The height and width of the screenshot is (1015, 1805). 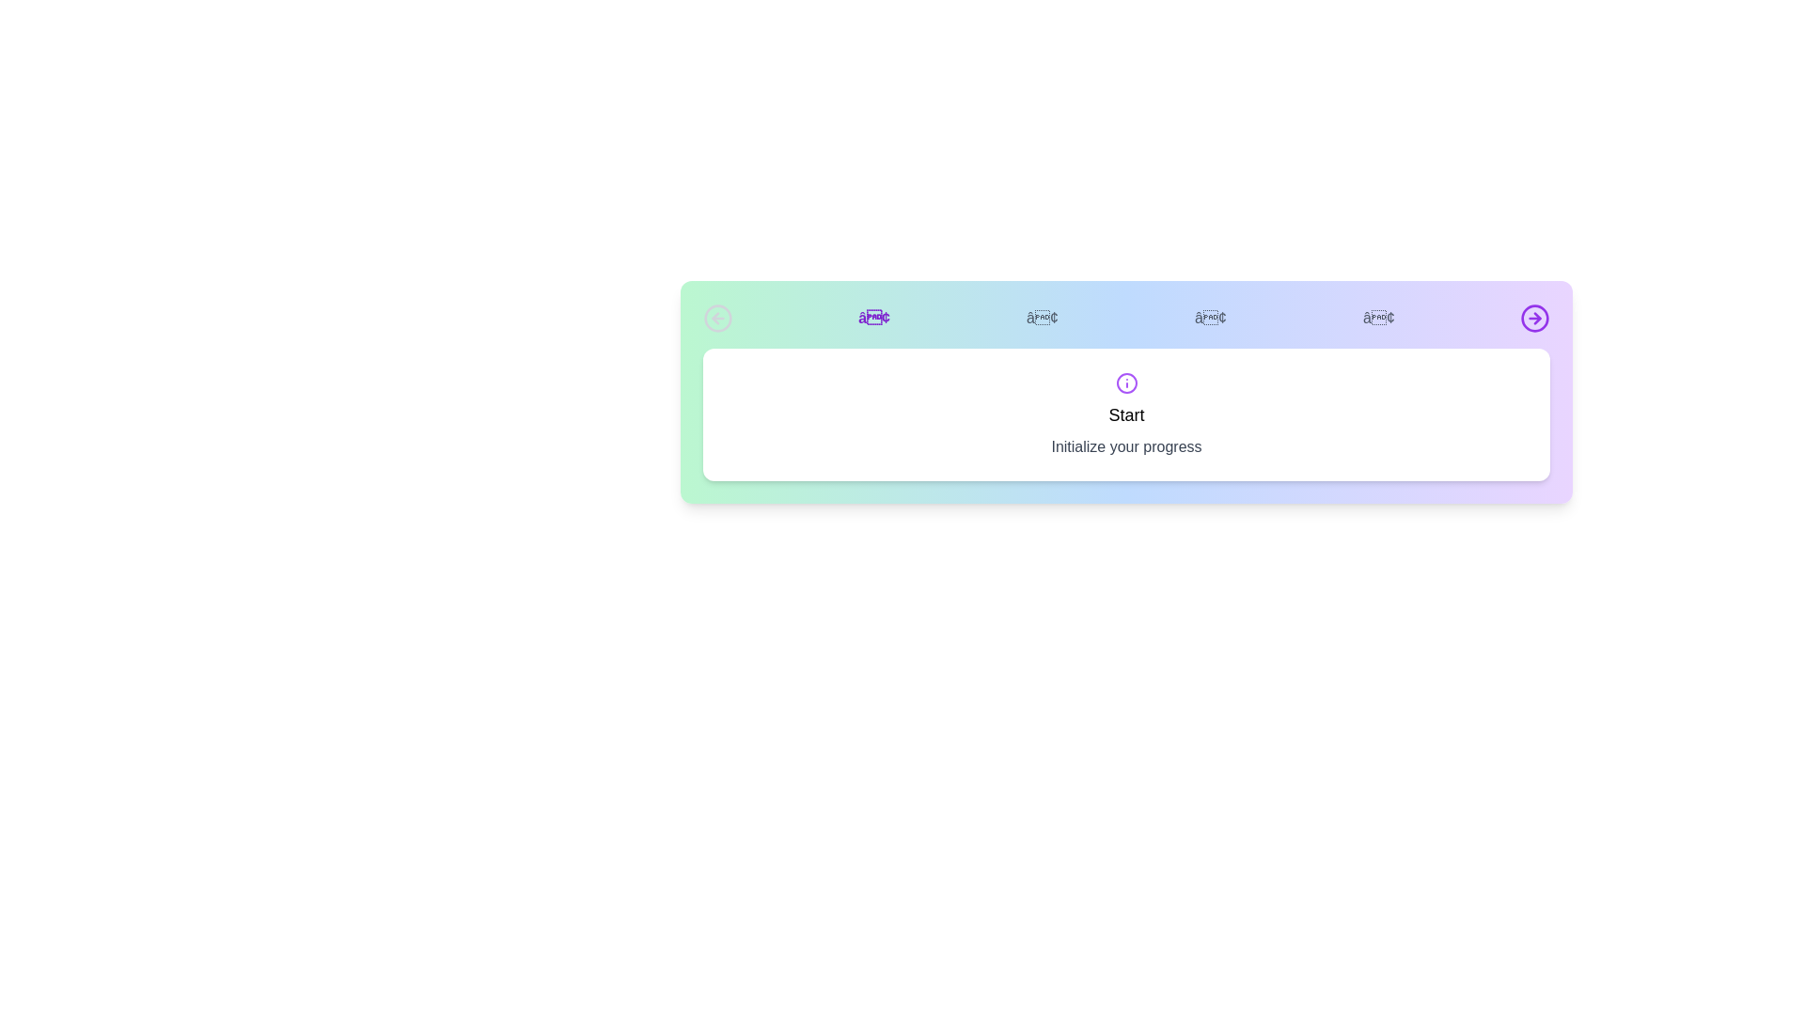 What do you see at coordinates (1126, 382) in the screenshot?
I see `the information icon to view the details of the current step` at bounding box center [1126, 382].